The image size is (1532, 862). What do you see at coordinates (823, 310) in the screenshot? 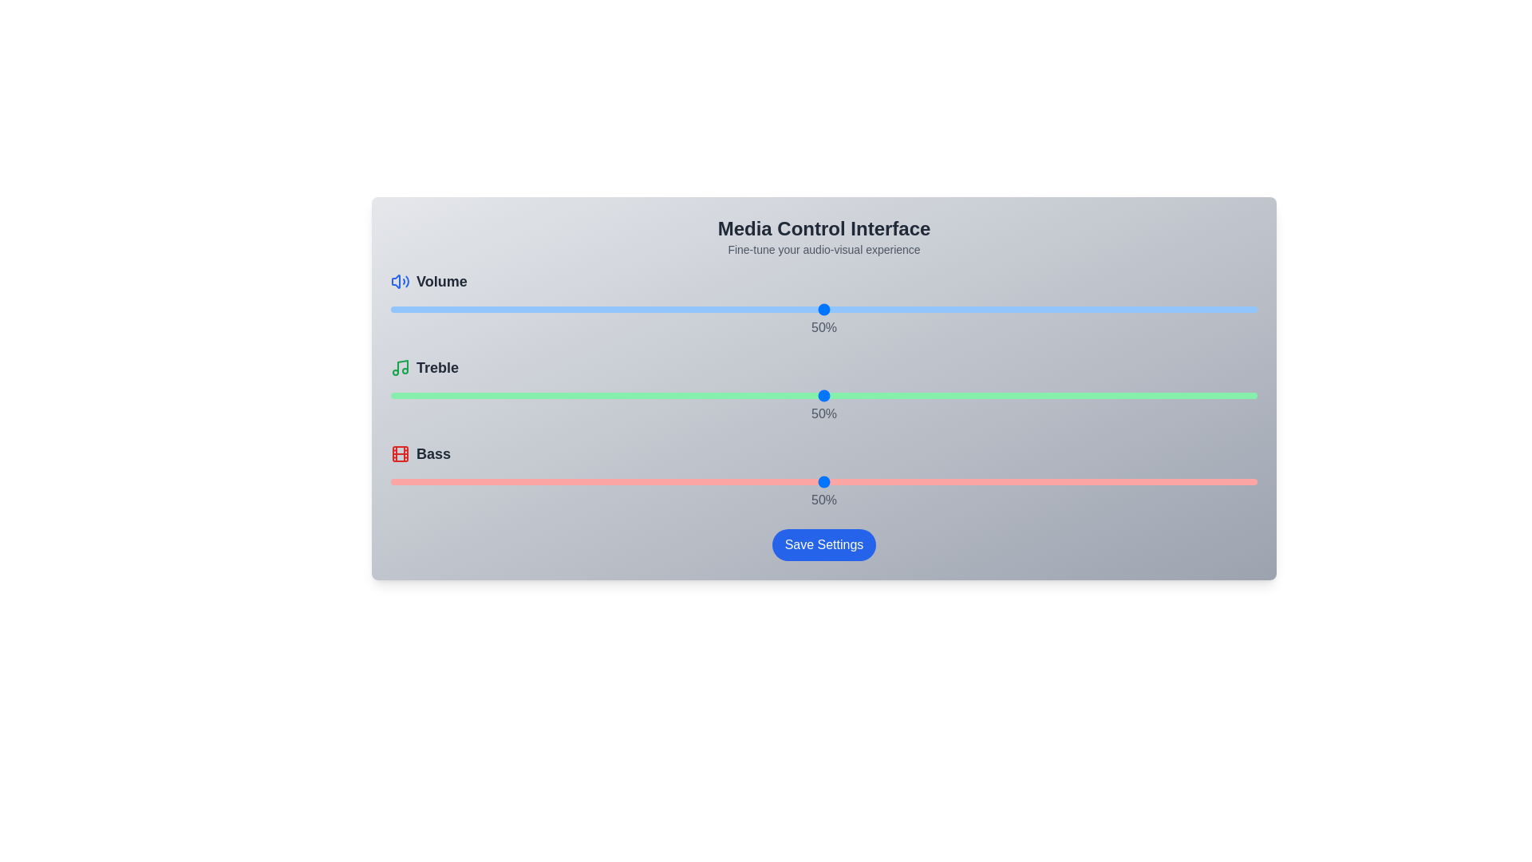
I see `the volume slider handle` at bounding box center [823, 310].